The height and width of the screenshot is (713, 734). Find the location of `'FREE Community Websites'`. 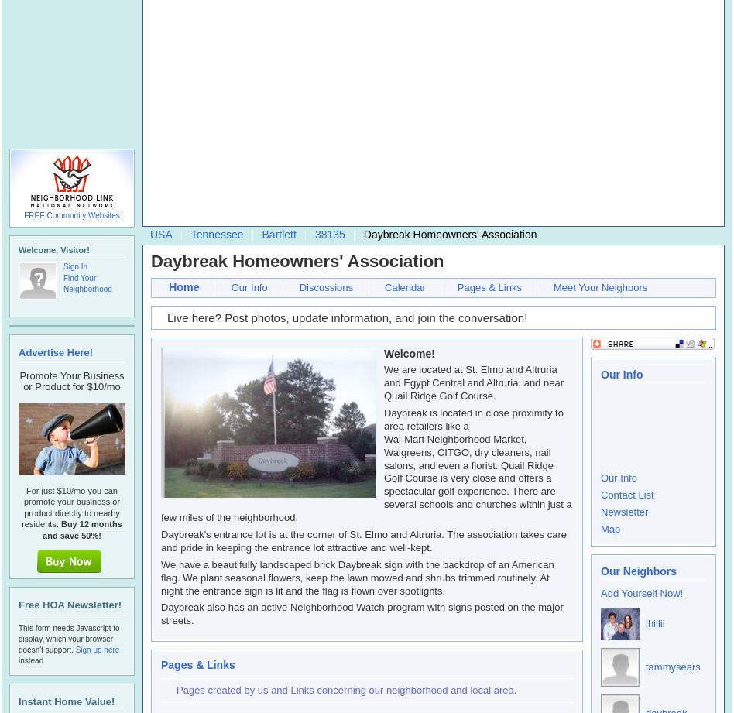

'FREE Community Websites' is located at coordinates (71, 214).